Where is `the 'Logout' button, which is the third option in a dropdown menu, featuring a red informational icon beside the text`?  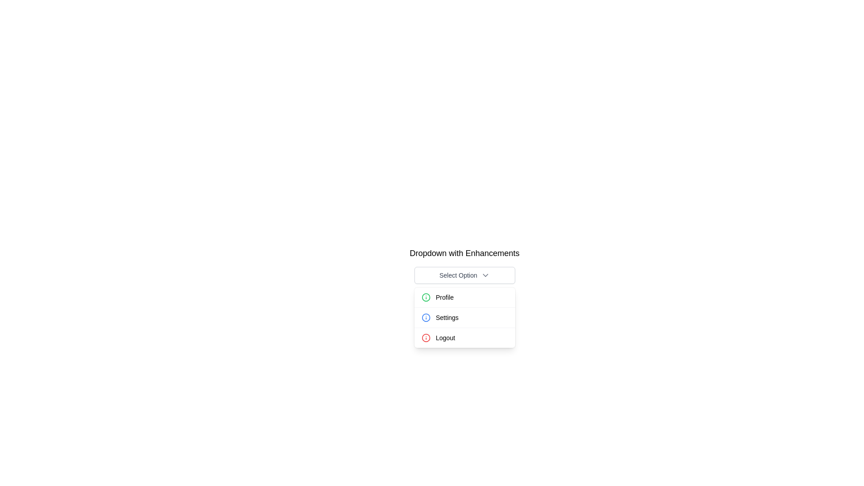
the 'Logout' button, which is the third option in a dropdown menu, featuring a red informational icon beside the text is located at coordinates (464, 337).